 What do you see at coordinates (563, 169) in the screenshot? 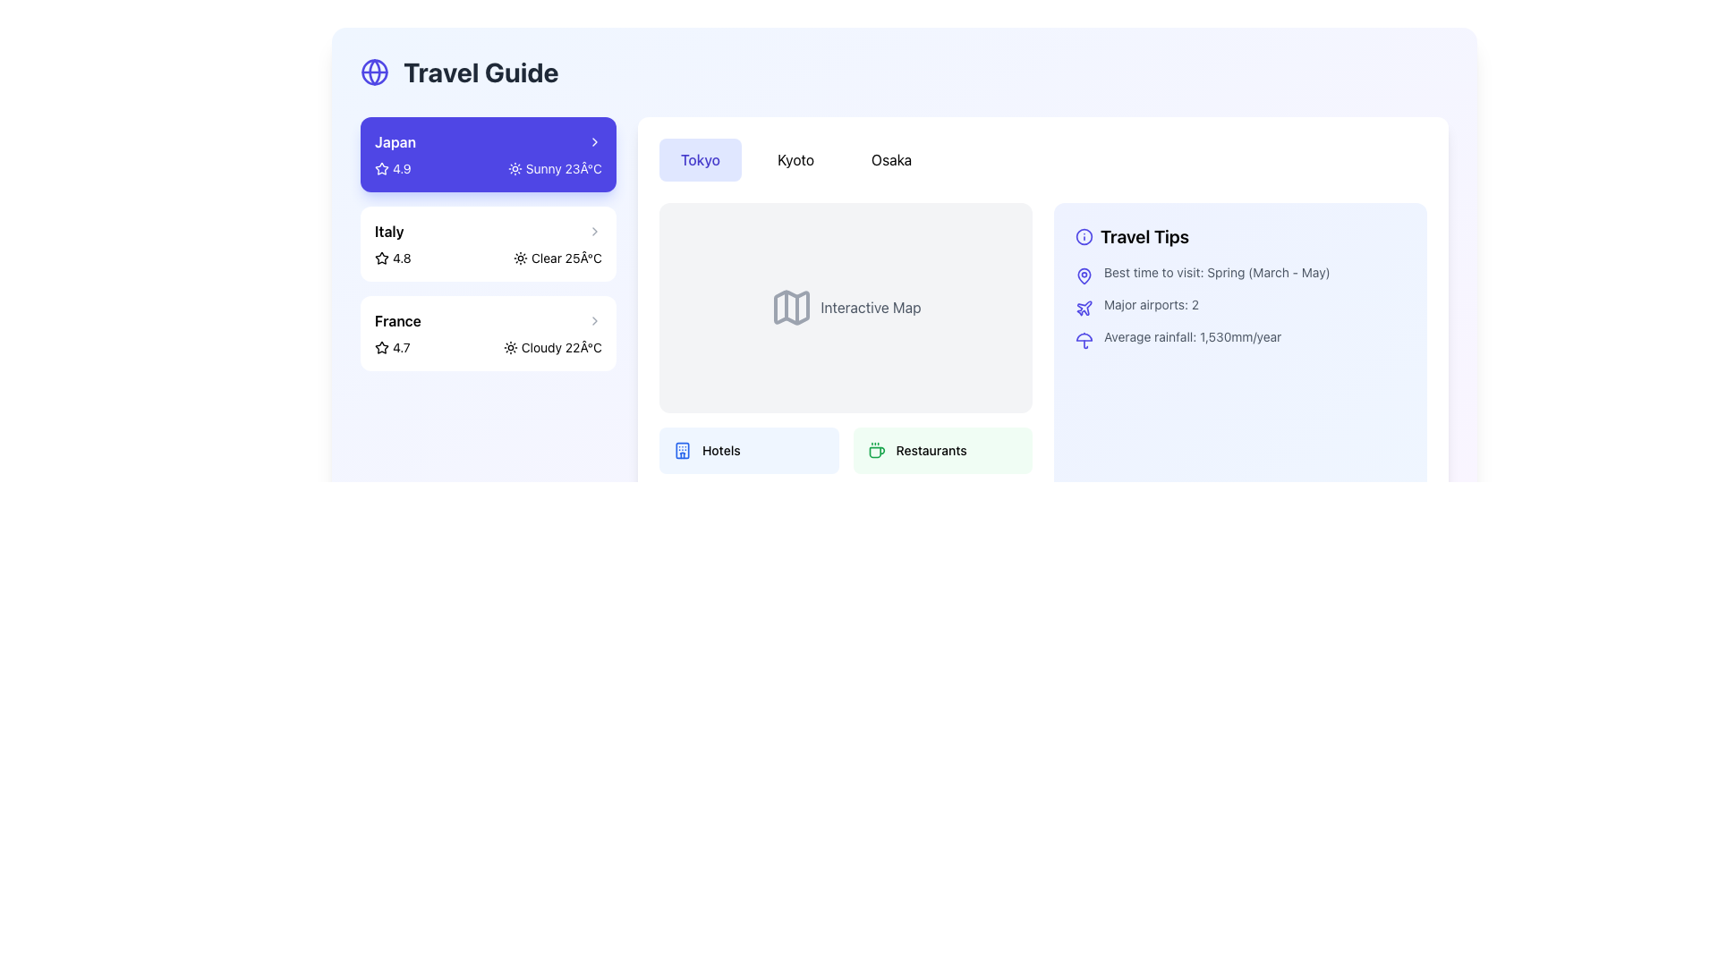
I see `the static text component displaying 'Sunny 23Â°C' which is aligned with a sunny weather icon and located in the rightmost portion of the highlighted area for 'Japan'` at bounding box center [563, 169].